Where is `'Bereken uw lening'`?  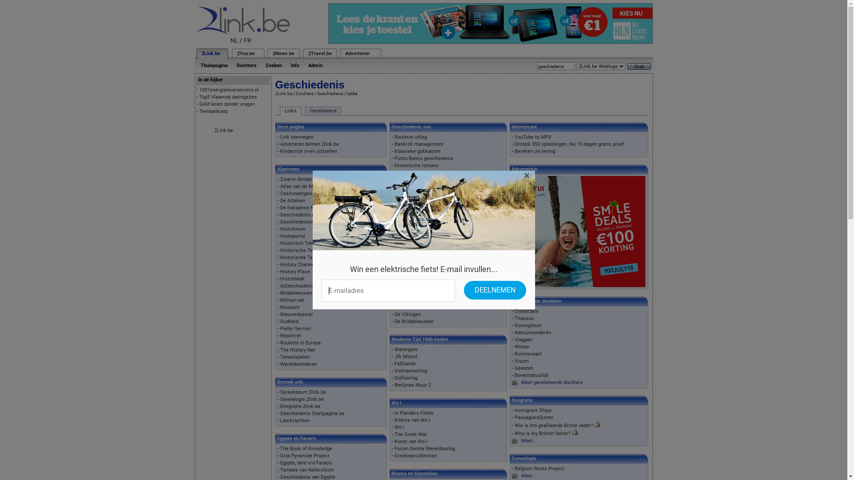
'Bereken uw lening' is located at coordinates (514, 151).